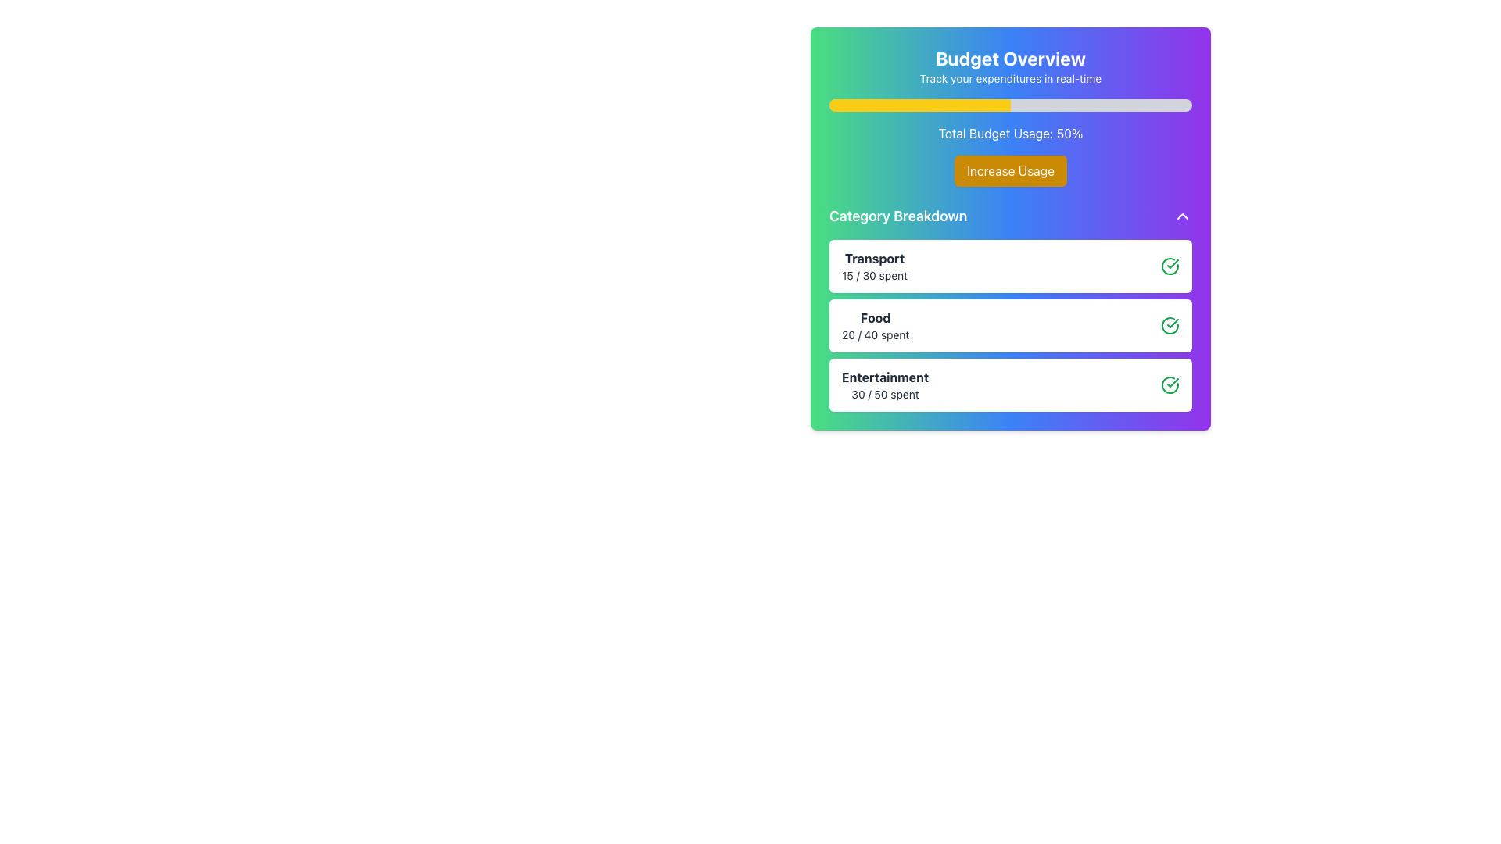 The height and width of the screenshot is (844, 1501). What do you see at coordinates (1010, 65) in the screenshot?
I see `the Header element that introduces the budgeting card, which includes a title and a brief supportive description, located at the top of the card against a gradient background` at bounding box center [1010, 65].